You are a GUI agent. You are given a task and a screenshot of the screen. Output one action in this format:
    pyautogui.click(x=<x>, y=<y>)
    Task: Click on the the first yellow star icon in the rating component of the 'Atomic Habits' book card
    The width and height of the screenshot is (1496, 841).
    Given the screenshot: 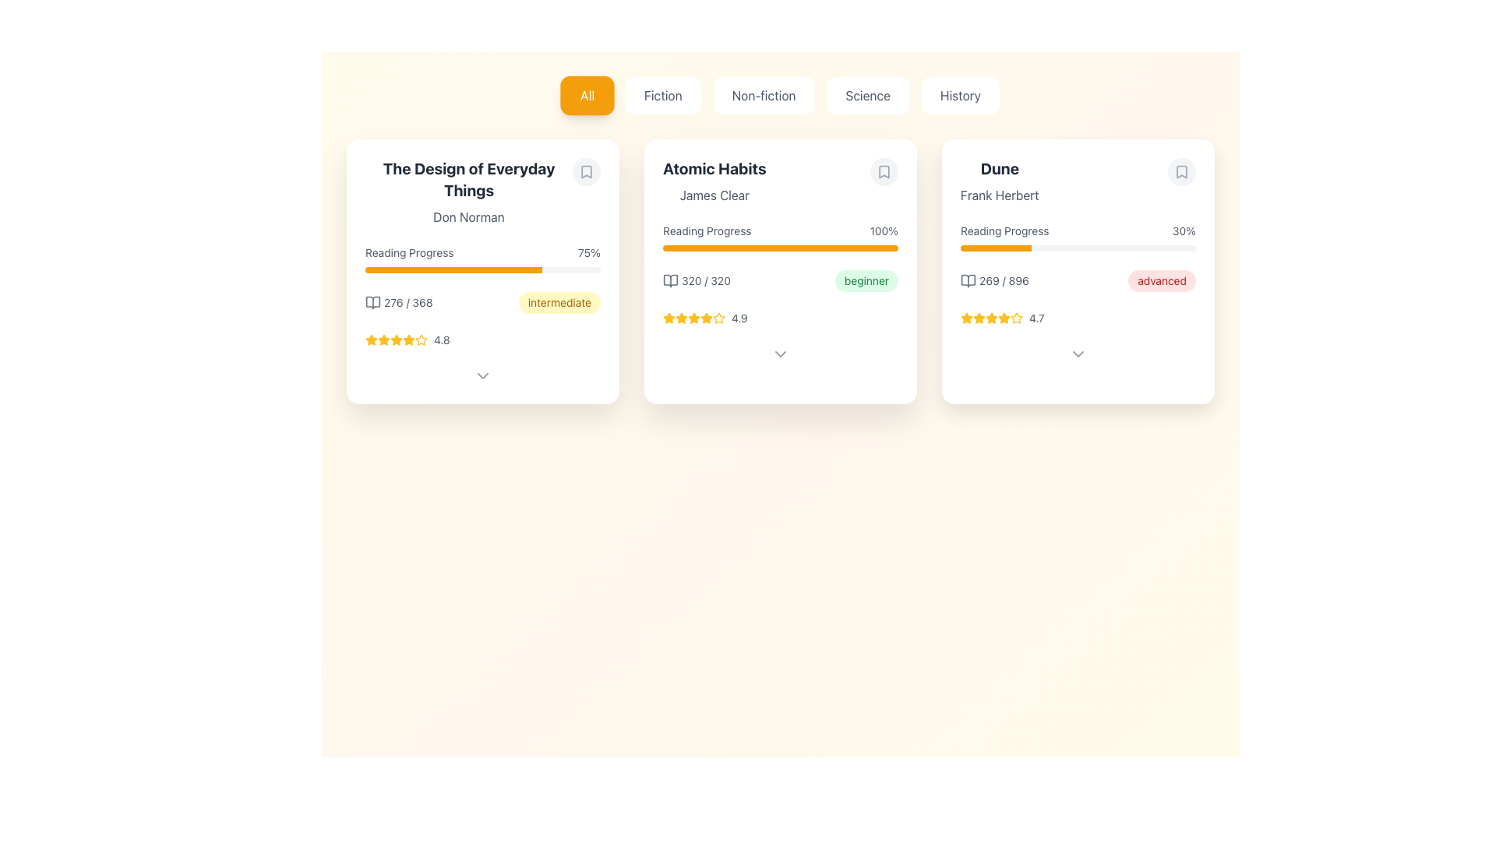 What is the action you would take?
    pyautogui.click(x=669, y=317)
    